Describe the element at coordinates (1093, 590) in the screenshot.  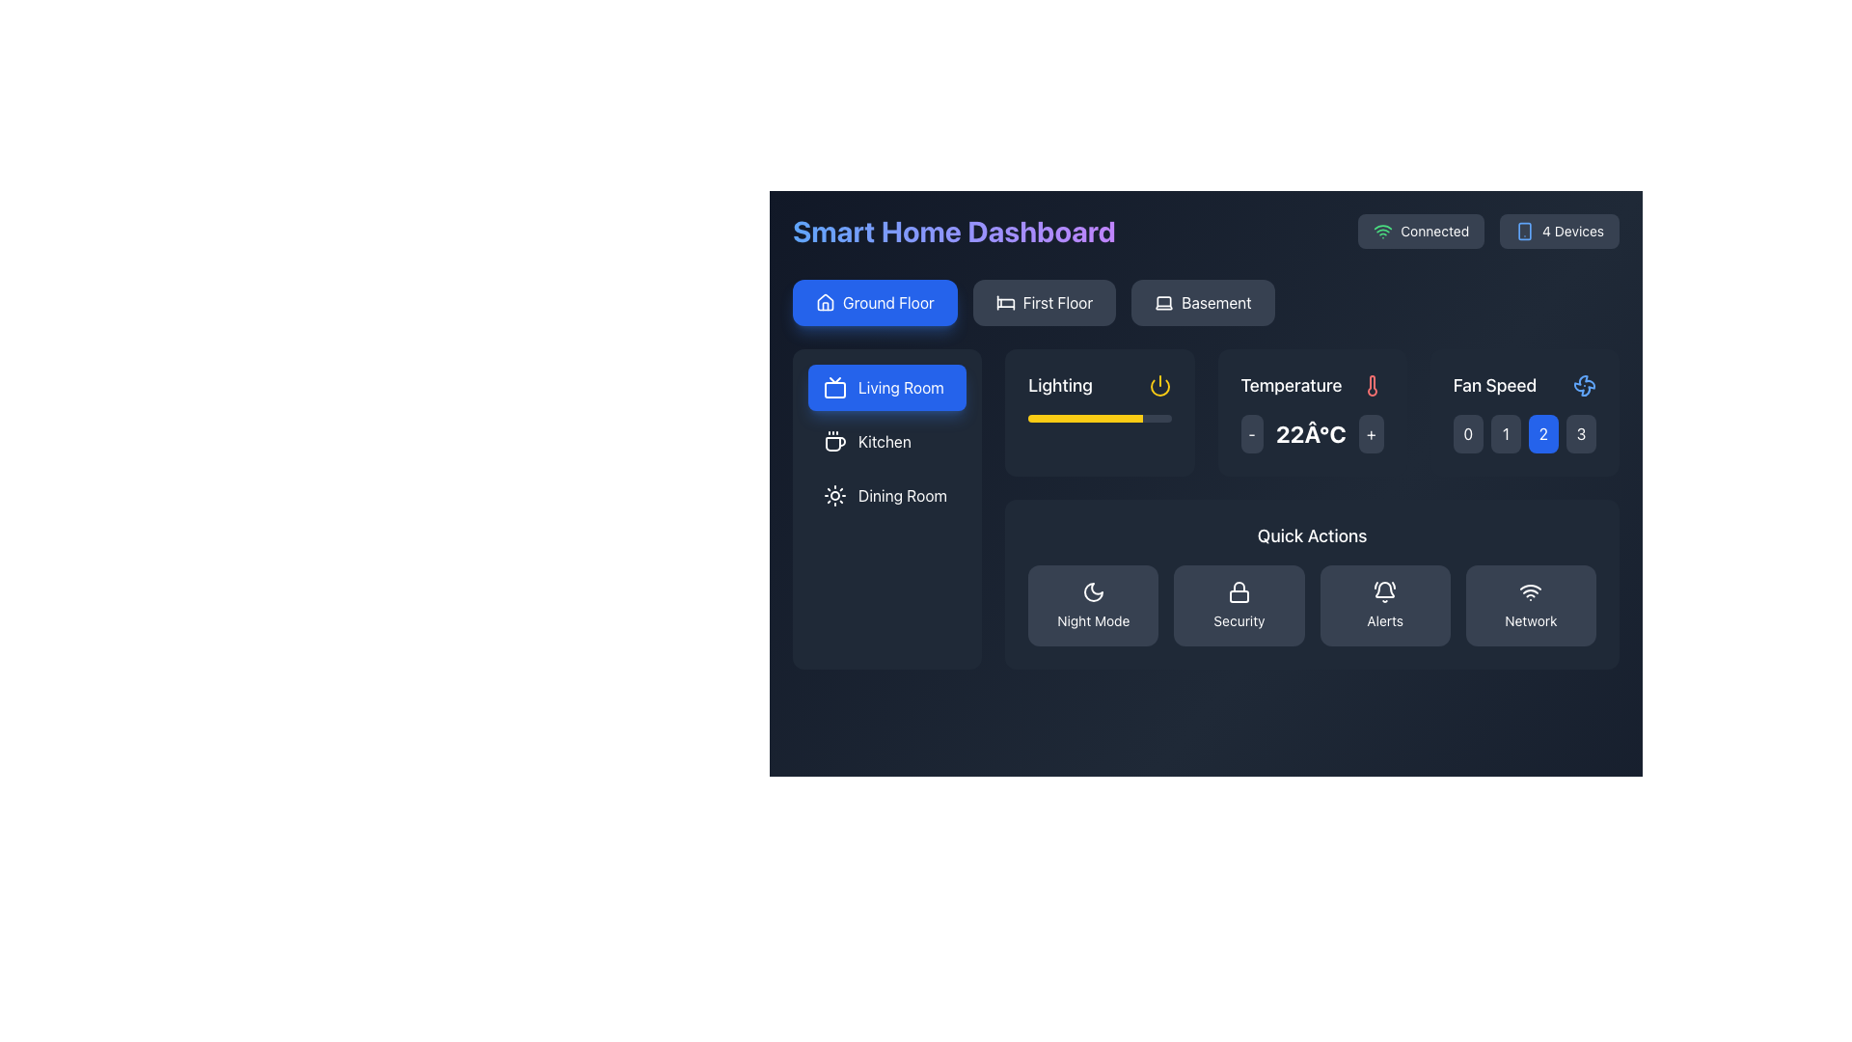
I see `the 'Night Mode' button that contains the crescent moon icon` at that location.